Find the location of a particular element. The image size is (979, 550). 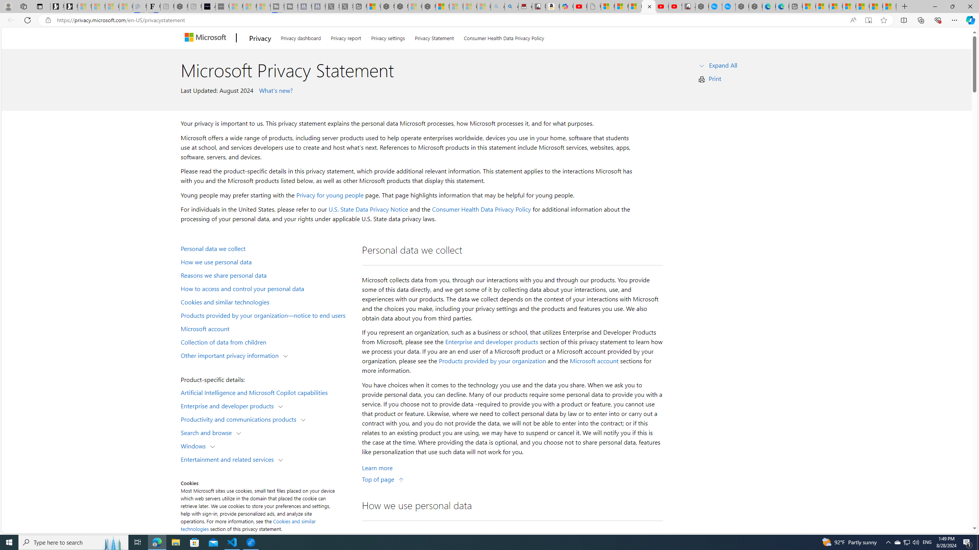

'Day 1: Arriving in Yemen (surreal to be here) - YouTube' is located at coordinates (580, 6).